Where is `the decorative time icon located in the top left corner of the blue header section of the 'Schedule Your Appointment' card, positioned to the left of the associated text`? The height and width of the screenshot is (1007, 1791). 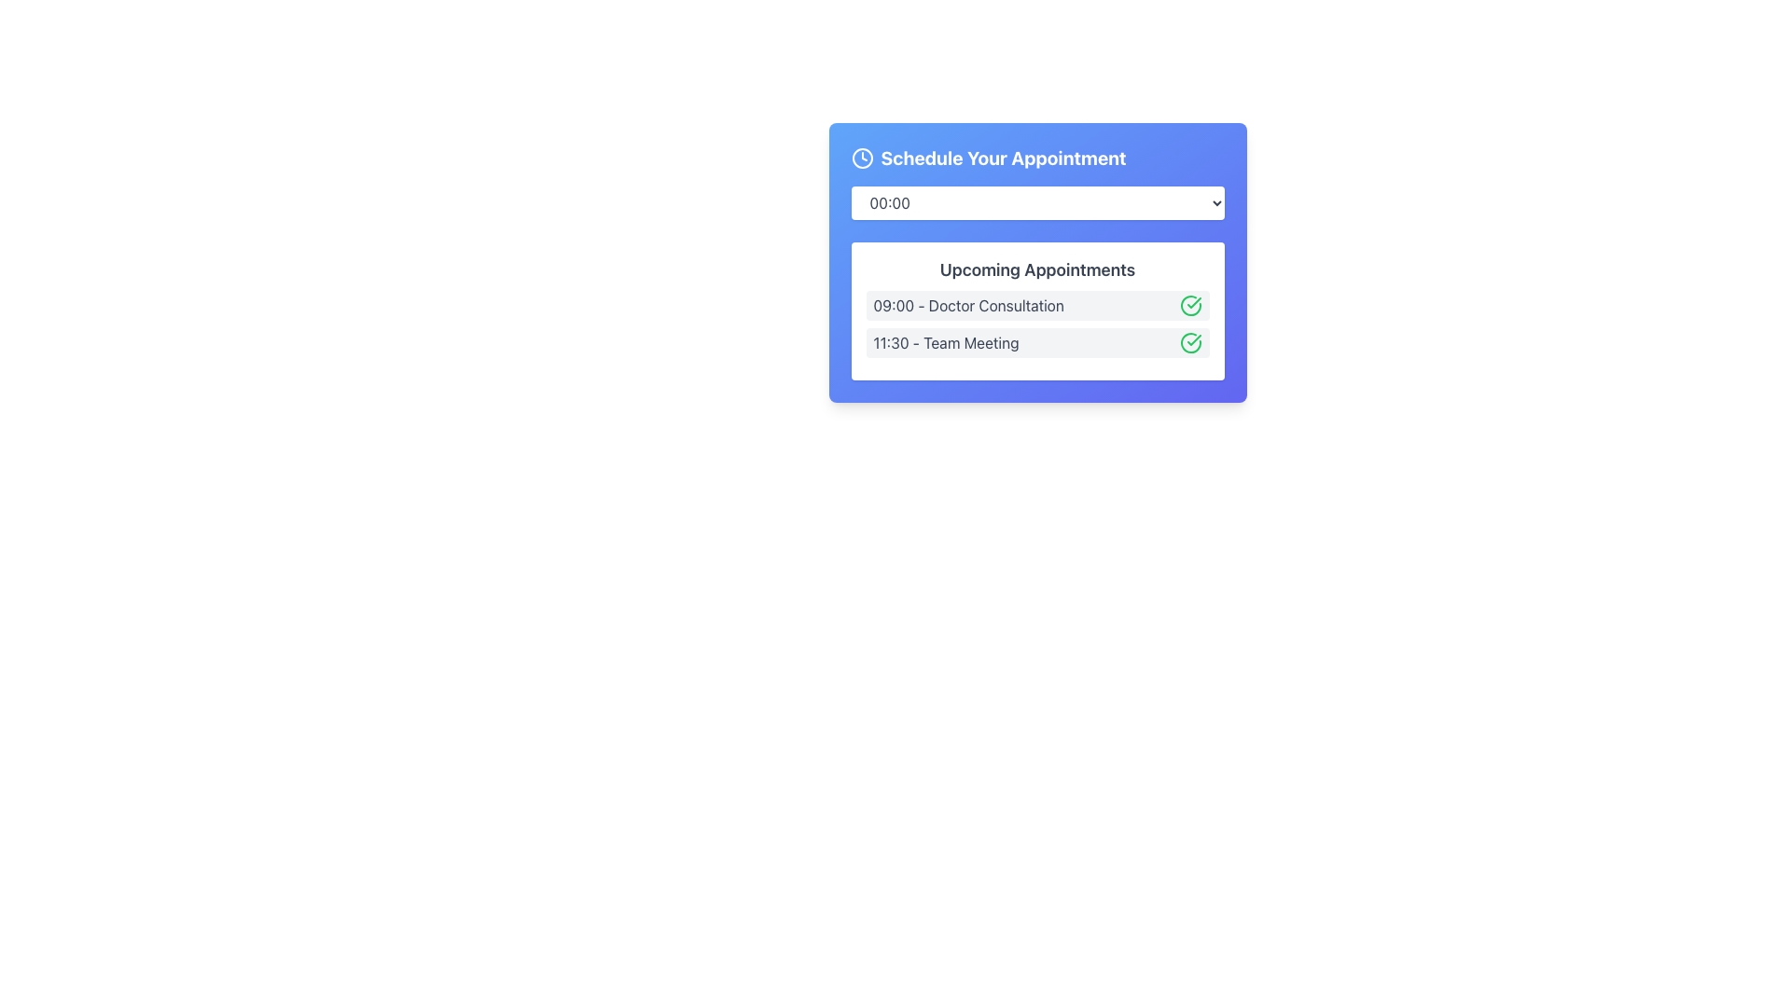 the decorative time icon located in the top left corner of the blue header section of the 'Schedule Your Appointment' card, positioned to the left of the associated text is located at coordinates (861, 157).